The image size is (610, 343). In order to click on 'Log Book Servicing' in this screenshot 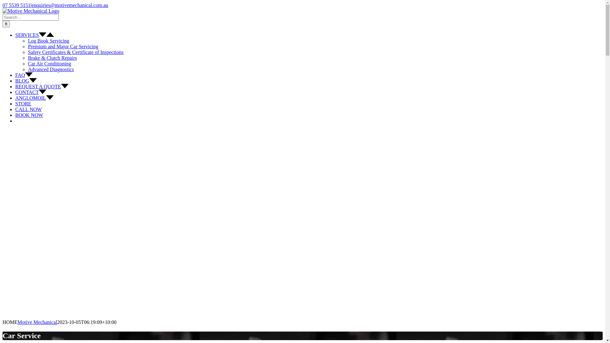, I will do `click(27, 41)`.